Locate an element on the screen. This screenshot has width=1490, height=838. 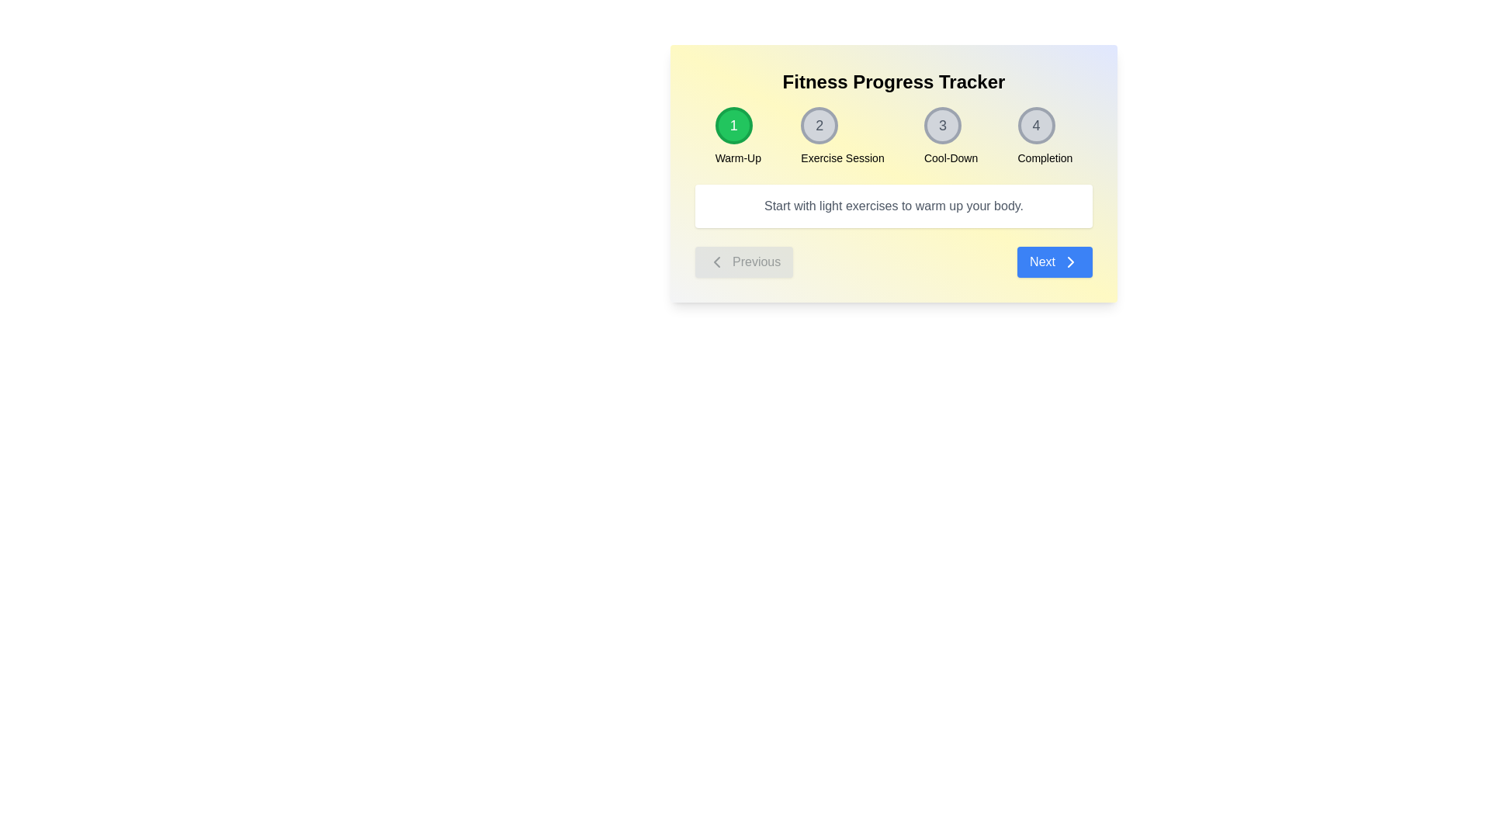
the circular badge with a green background and the number '1', which is the first step indicator in a horizontal layout, displaying 'Warm-Up' below it is located at coordinates (737, 136).